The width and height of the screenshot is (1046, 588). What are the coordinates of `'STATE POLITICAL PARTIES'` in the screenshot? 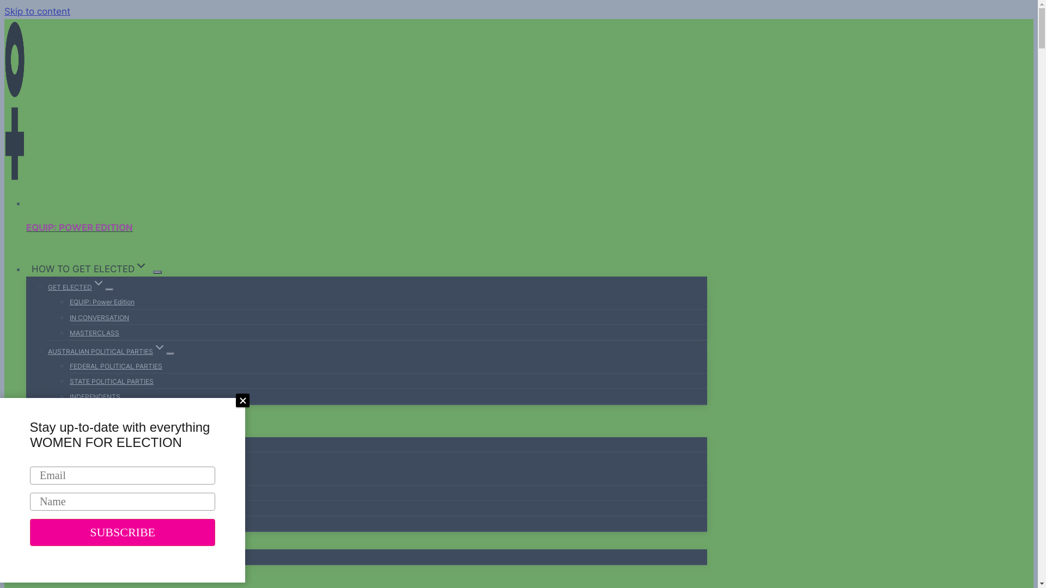 It's located at (112, 381).